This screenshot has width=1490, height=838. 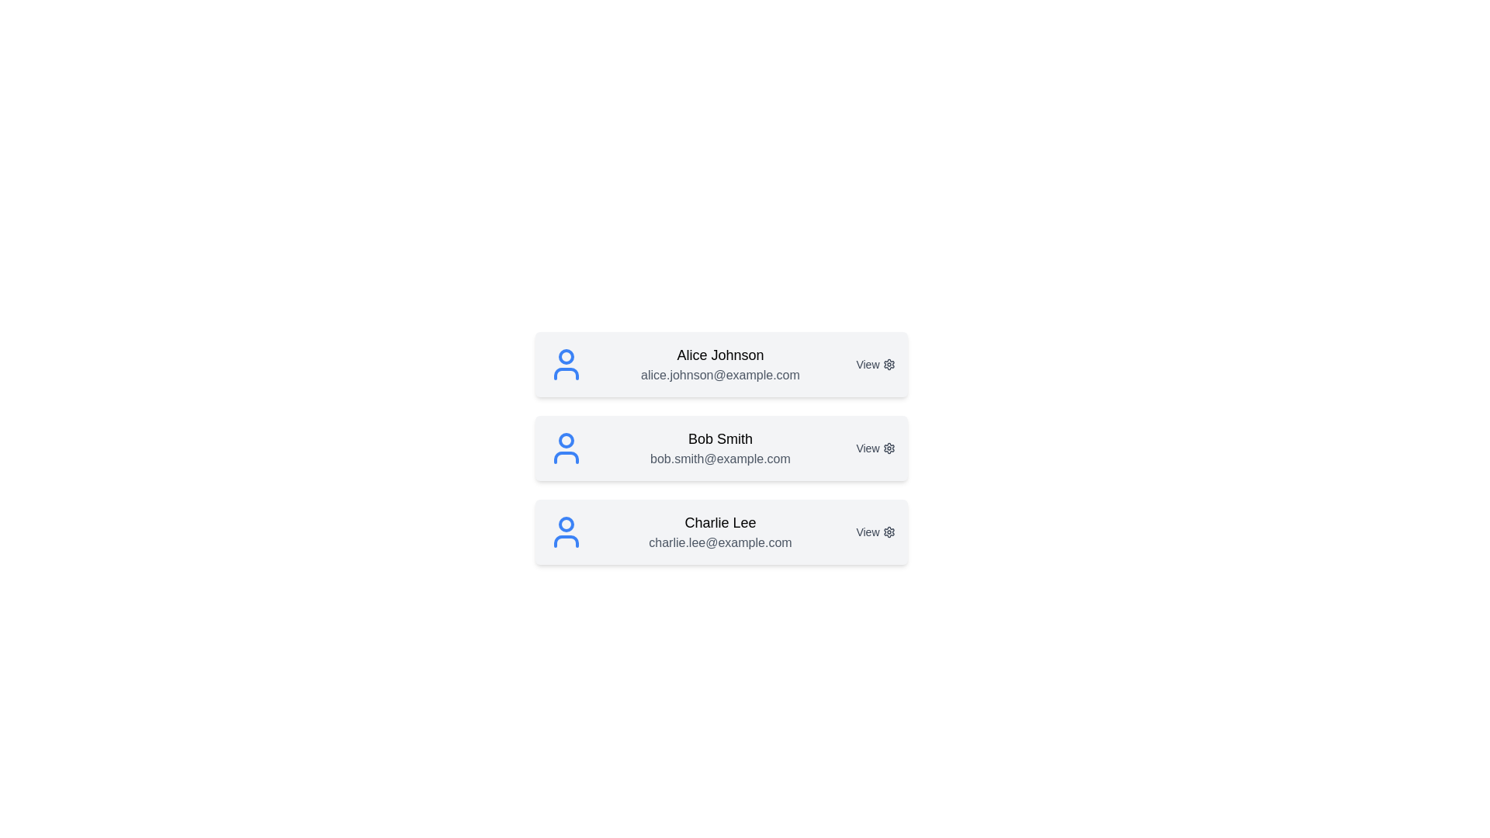 I want to click on the text block displaying the name 'Alice Johnson' and email 'alice.johnson@example.com', which is located in the top card of a vertically stacked list of cards, so click(x=719, y=365).